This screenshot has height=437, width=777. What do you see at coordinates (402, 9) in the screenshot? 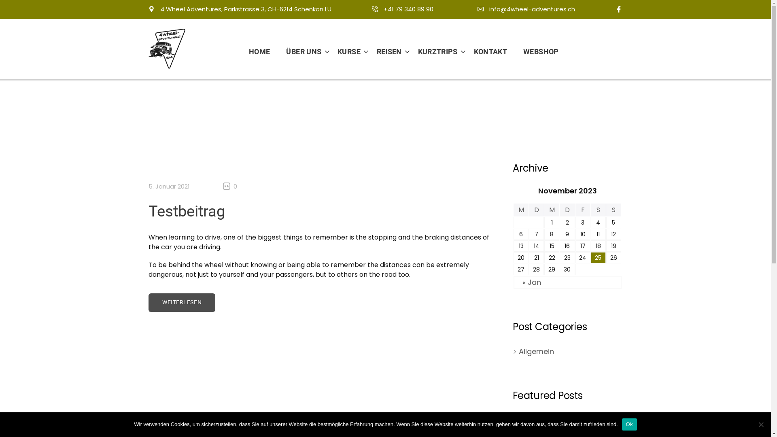
I see `'+41 79 340 89 90'` at bounding box center [402, 9].